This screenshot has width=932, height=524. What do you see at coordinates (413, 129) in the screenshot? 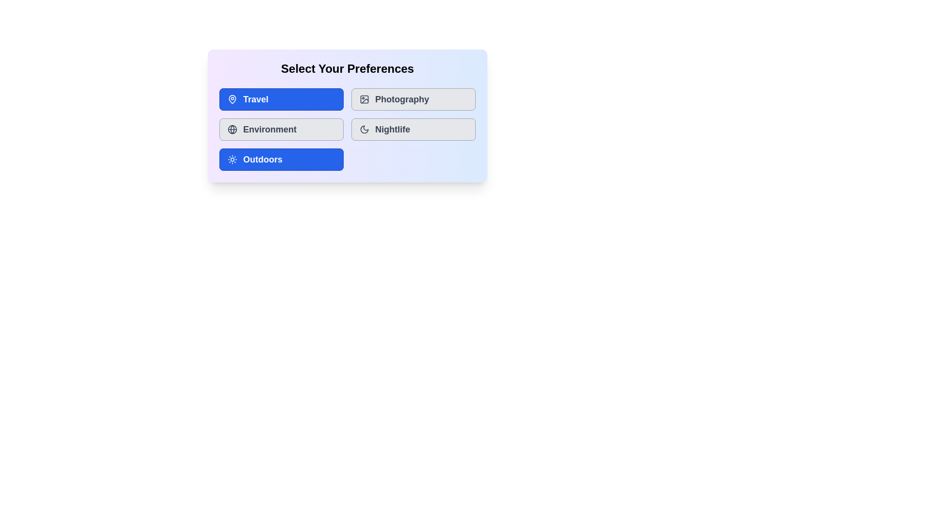
I see `the category Nightlife` at bounding box center [413, 129].